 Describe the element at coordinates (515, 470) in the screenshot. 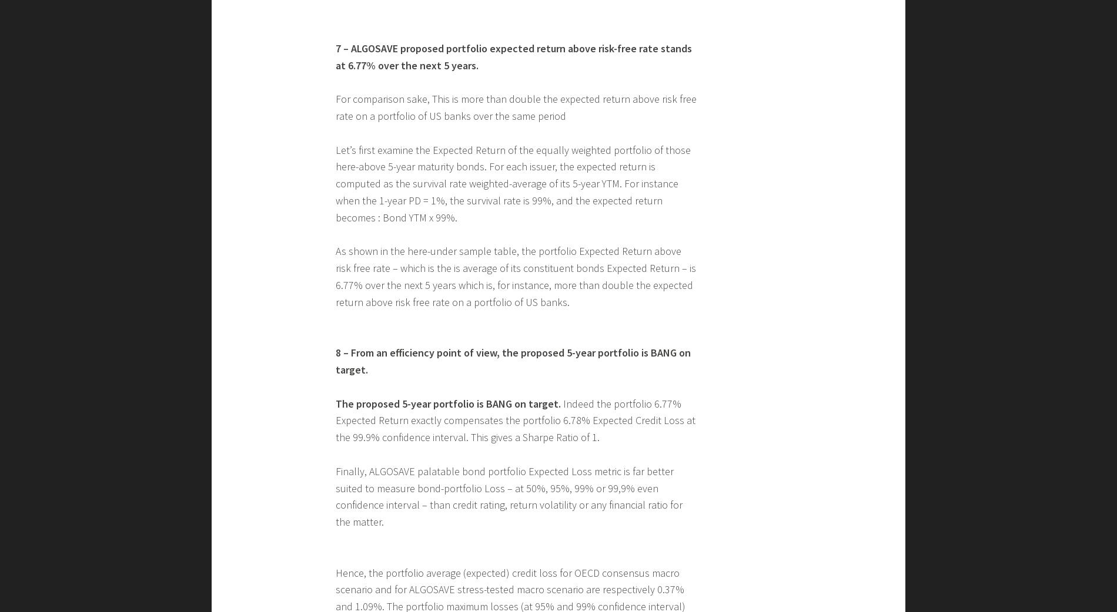

I see `'As shown in the here-under sample table, the portfolio Expected Return above risk free rate – which is the is average of its constituent bonds Expected Return – is 6.77% over the next 5 years which is, for instance, more than double the expected return above risk free rate on a portfolio of US banks.'` at that location.